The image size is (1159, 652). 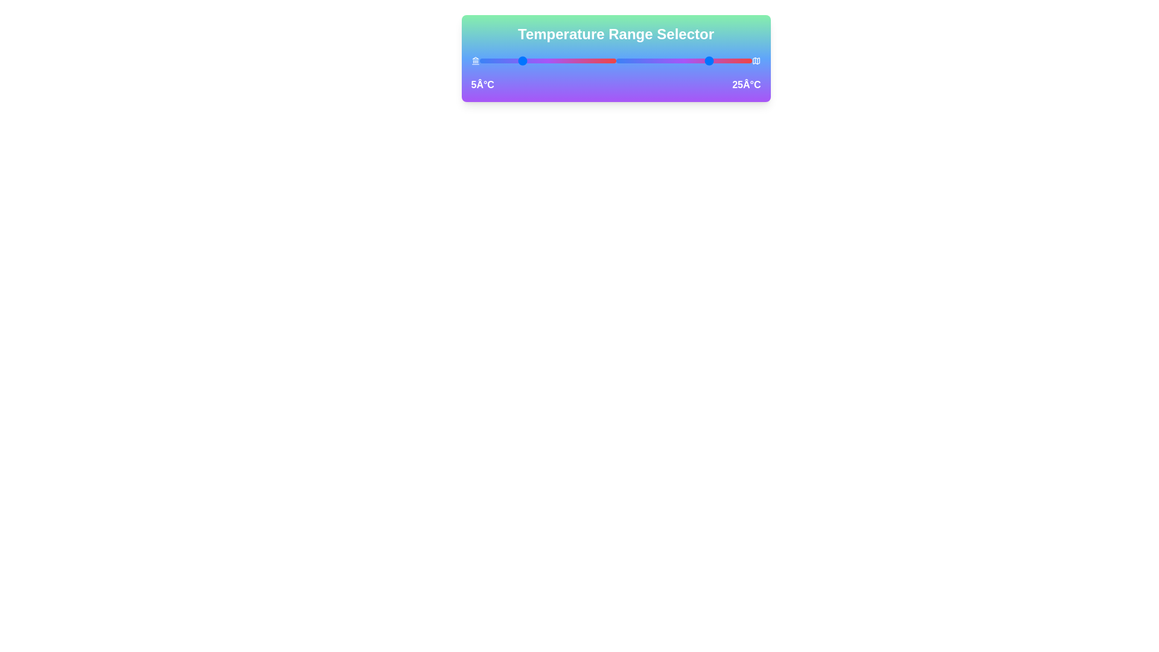 What do you see at coordinates (523, 60) in the screenshot?
I see `the left temperature slider to 6°C` at bounding box center [523, 60].